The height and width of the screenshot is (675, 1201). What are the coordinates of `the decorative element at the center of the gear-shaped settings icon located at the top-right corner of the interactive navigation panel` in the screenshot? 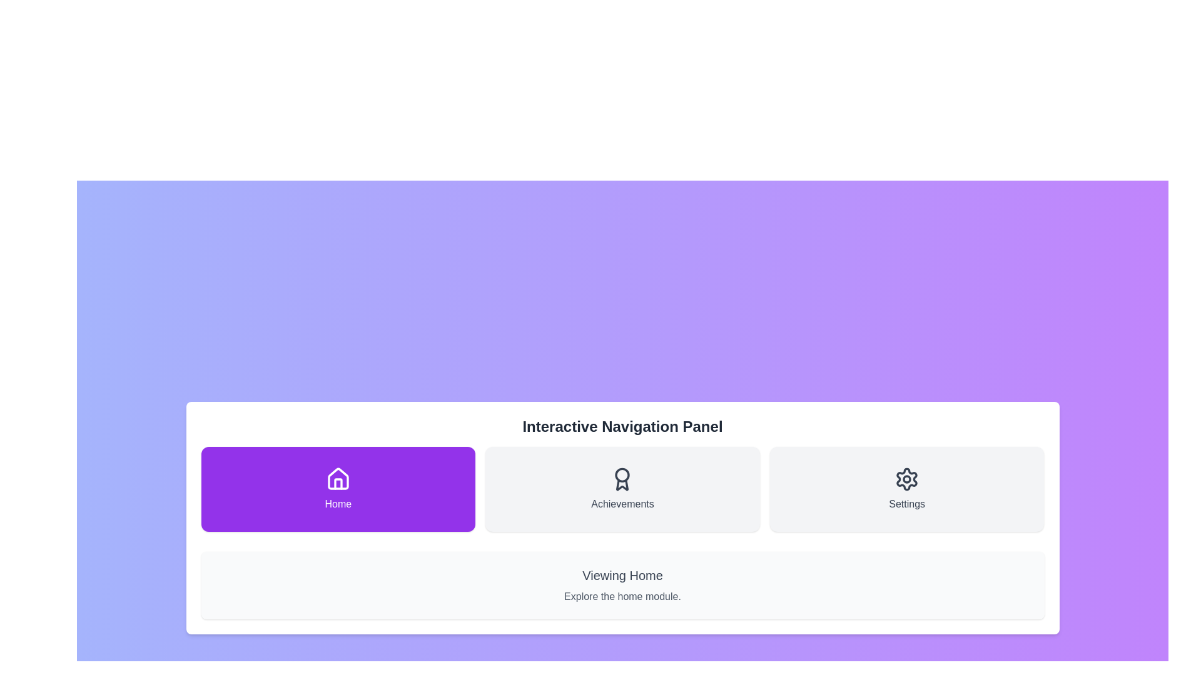 It's located at (907, 479).